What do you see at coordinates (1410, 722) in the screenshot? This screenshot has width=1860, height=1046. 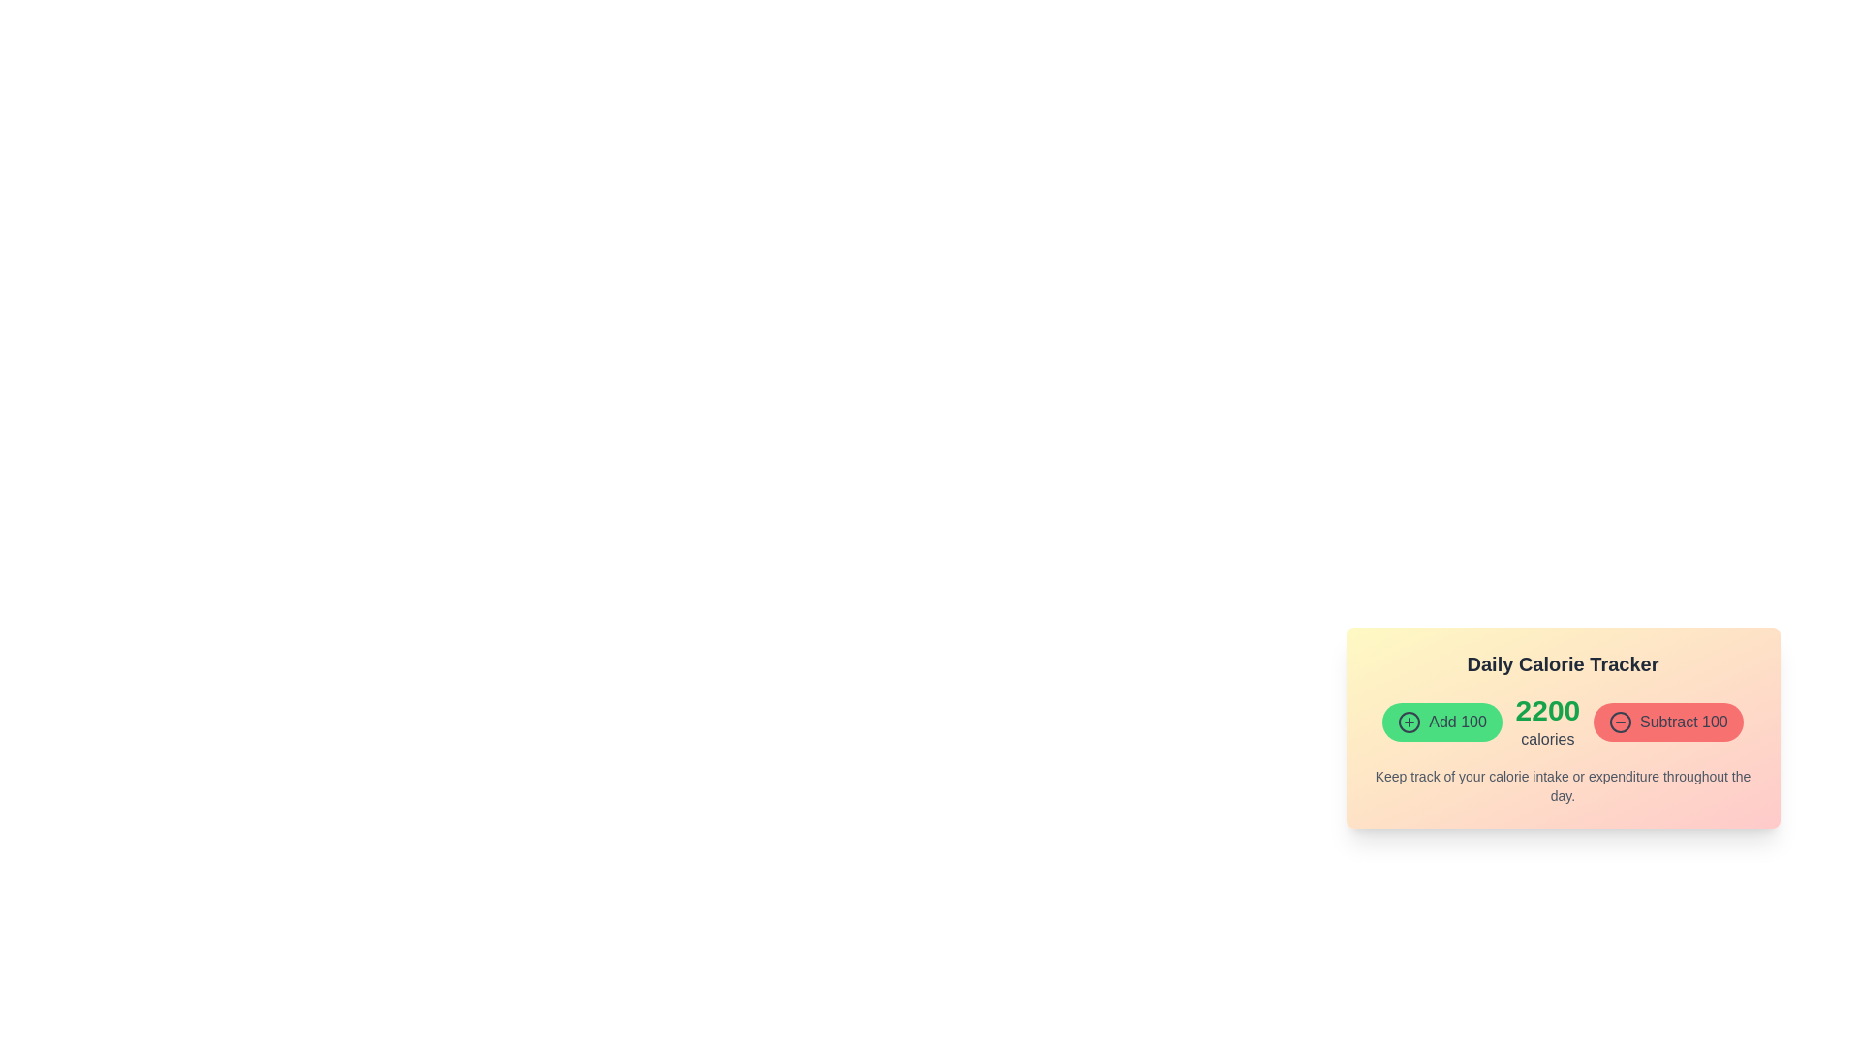 I see `the SVG circle element that represents the 'Add 100' action, located to the left side of the 'Add 100' button in the calorie tracker interface` at bounding box center [1410, 722].